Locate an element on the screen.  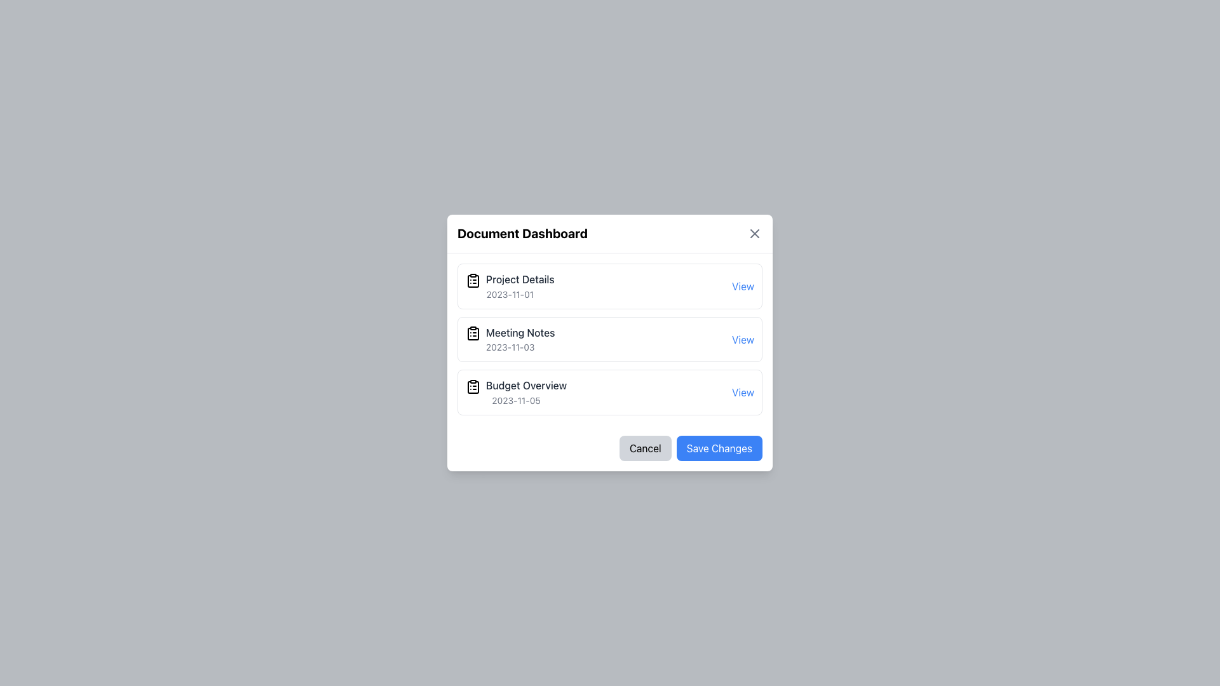
the 'Project Details' label which indicates the name of the associated item in the document or project list, positioned as the first text item in the modal dialog is located at coordinates (520, 278).